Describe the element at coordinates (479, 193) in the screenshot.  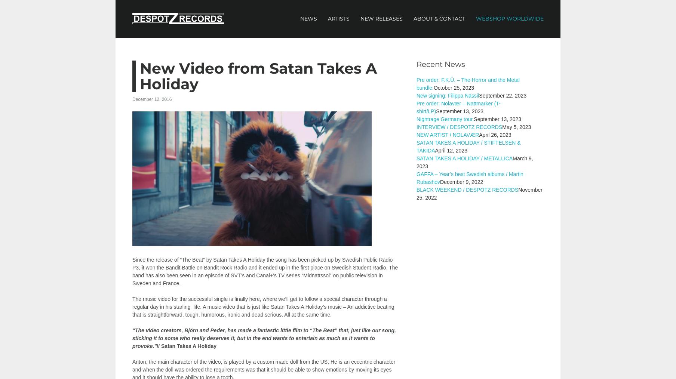
I see `'November 25, 2022'` at that location.